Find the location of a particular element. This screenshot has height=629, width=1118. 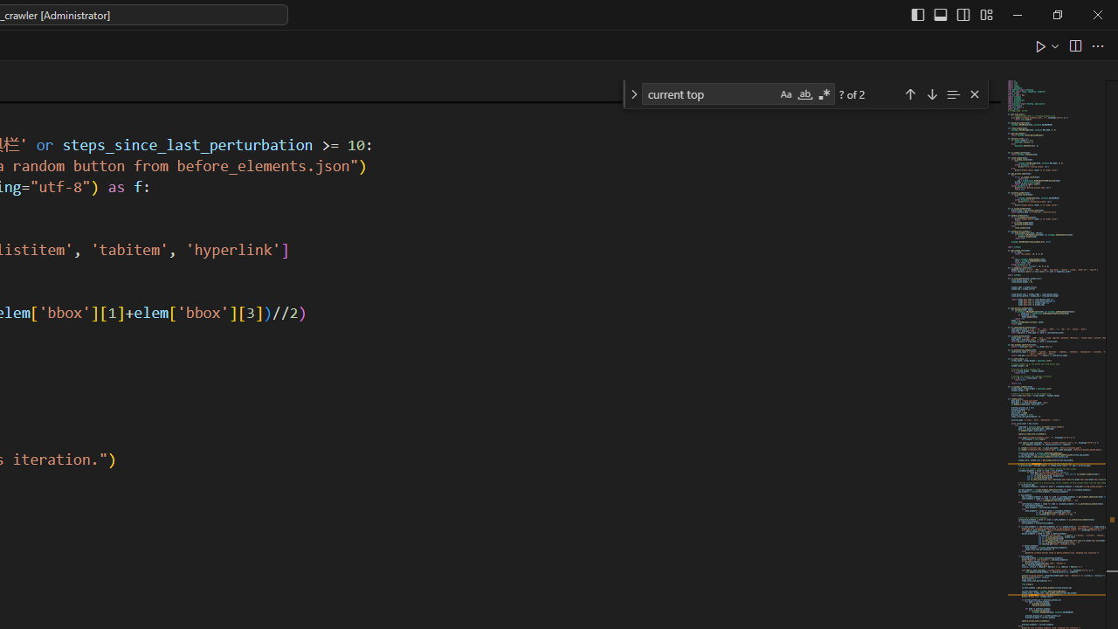

'Toggle Secondary Side Bar (Ctrl+Alt+B)' is located at coordinates (962, 14).